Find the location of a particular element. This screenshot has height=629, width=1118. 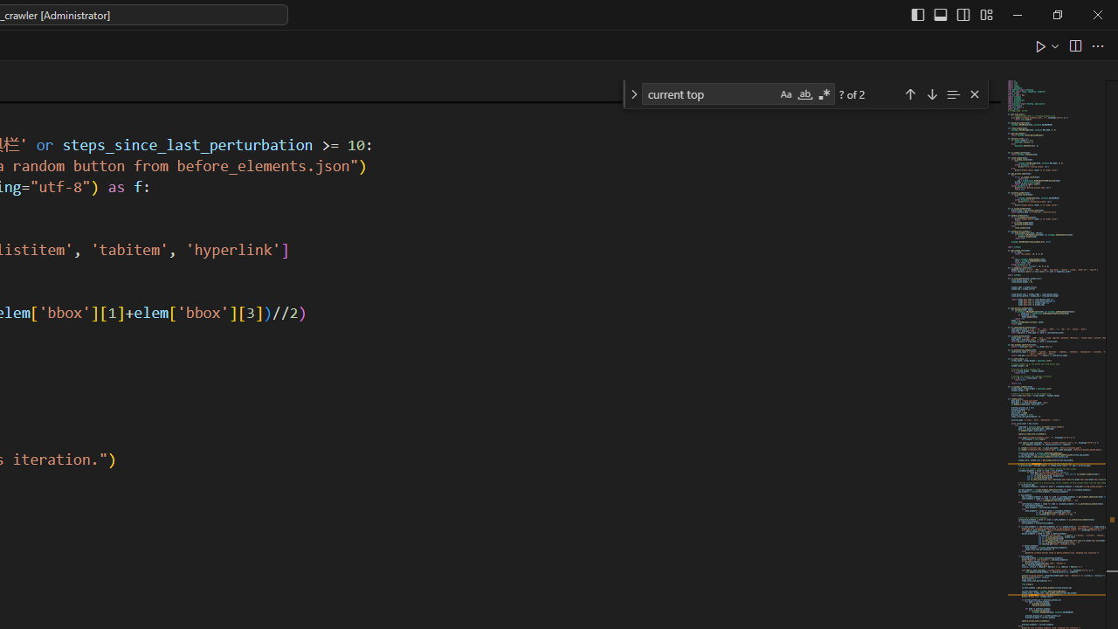

'Toggle Secondary Side Bar (Ctrl+Alt+B)' is located at coordinates (962, 14).